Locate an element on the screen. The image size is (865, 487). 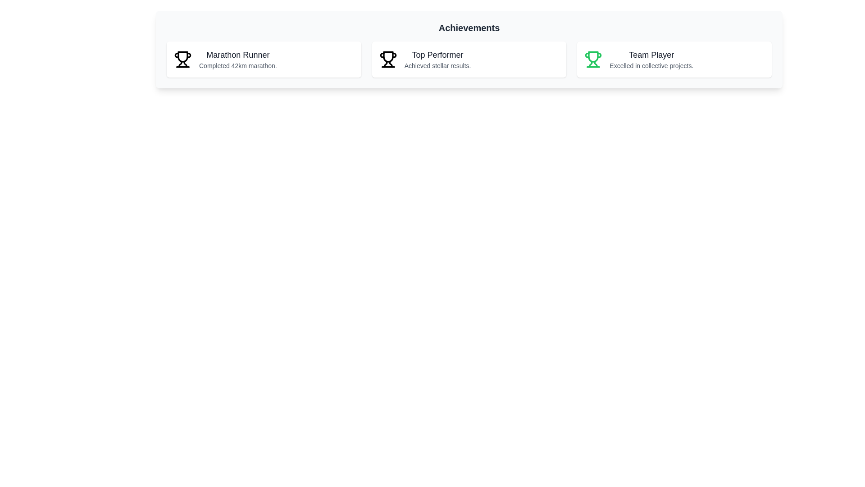
the main body of the trophy icon, which is filled in black and is part of the 'Top Performer' achievement icon, located in the center of the achievements list in the second card from the left is located at coordinates (388, 57).